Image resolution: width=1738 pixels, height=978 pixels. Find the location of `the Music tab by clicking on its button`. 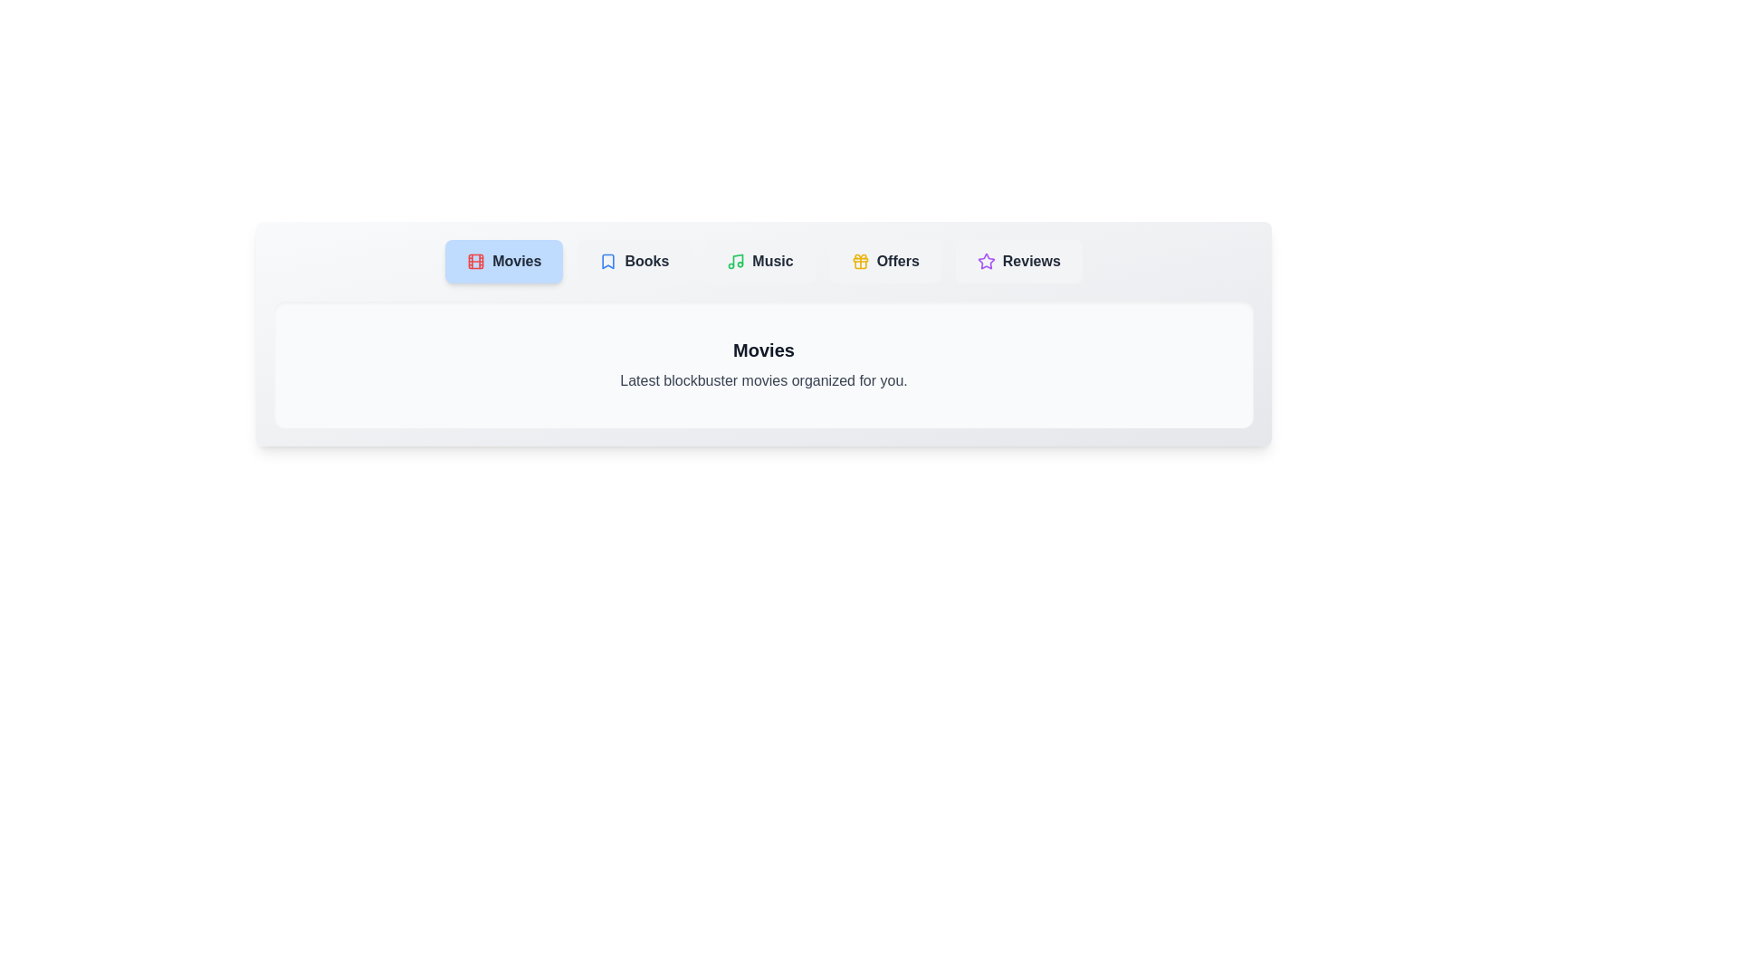

the Music tab by clicking on its button is located at coordinates (760, 262).